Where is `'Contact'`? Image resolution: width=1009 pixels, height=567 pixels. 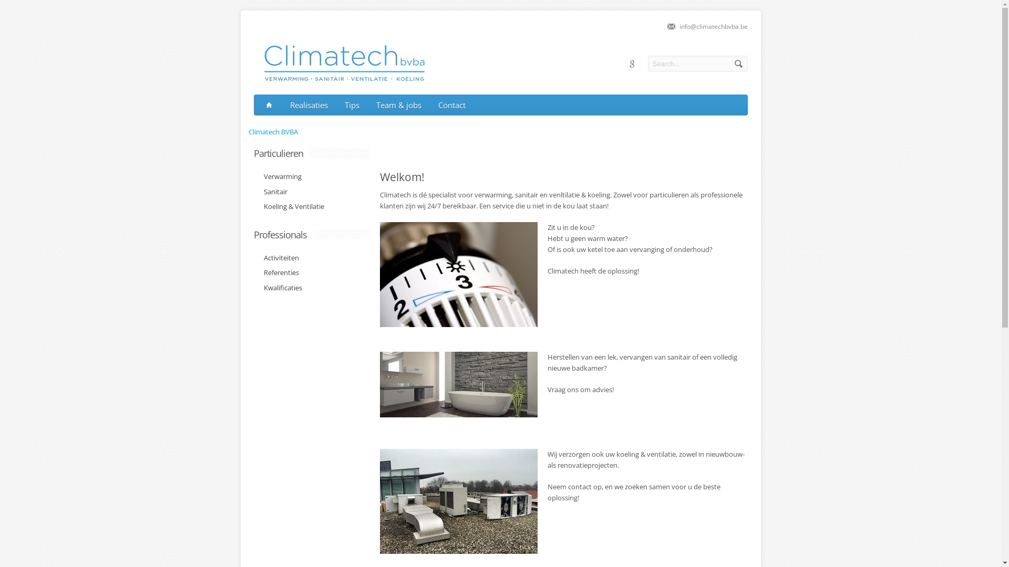
'Contact' is located at coordinates (451, 105).